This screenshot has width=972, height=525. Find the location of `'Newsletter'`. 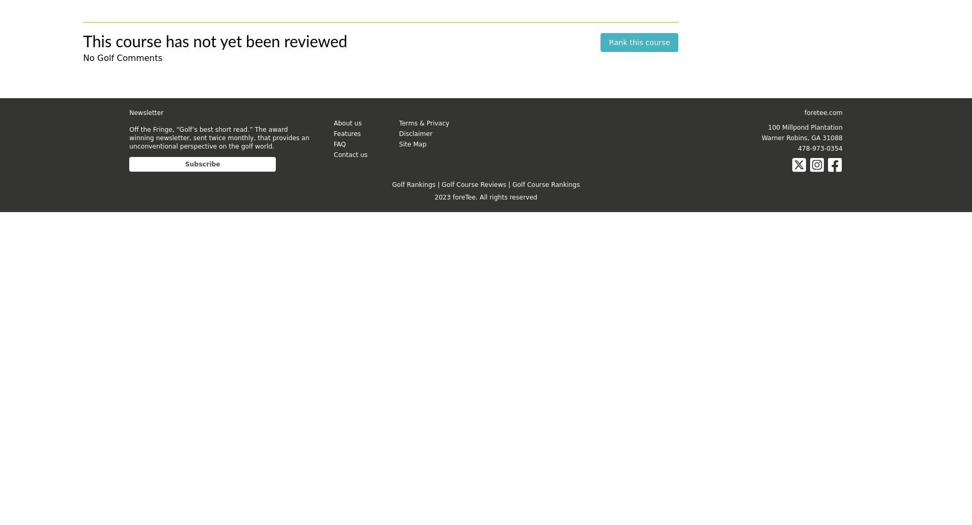

'Newsletter' is located at coordinates (146, 112).